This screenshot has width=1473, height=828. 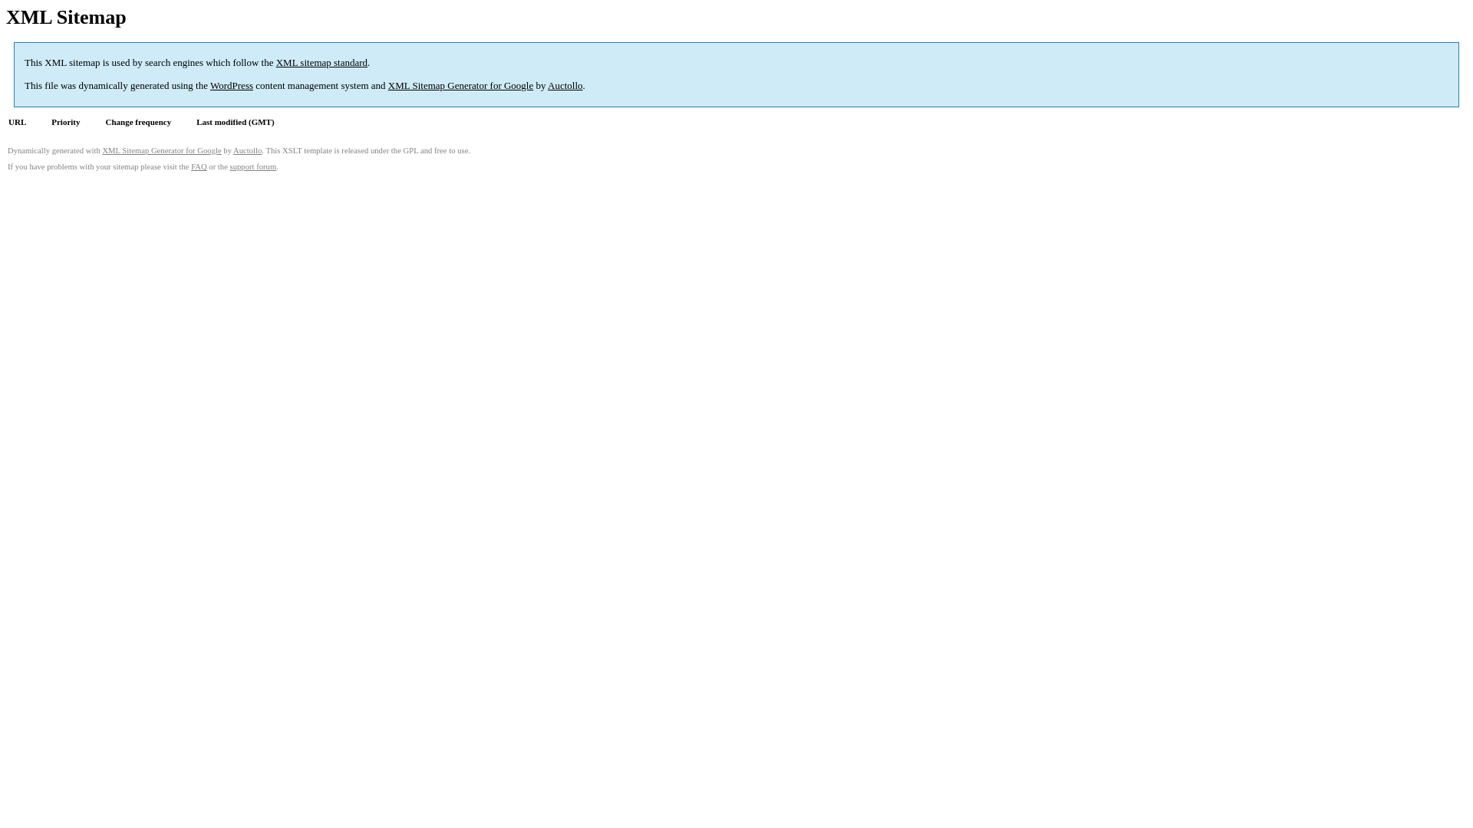 What do you see at coordinates (321, 61) in the screenshot?
I see `'XML sitemap standard'` at bounding box center [321, 61].